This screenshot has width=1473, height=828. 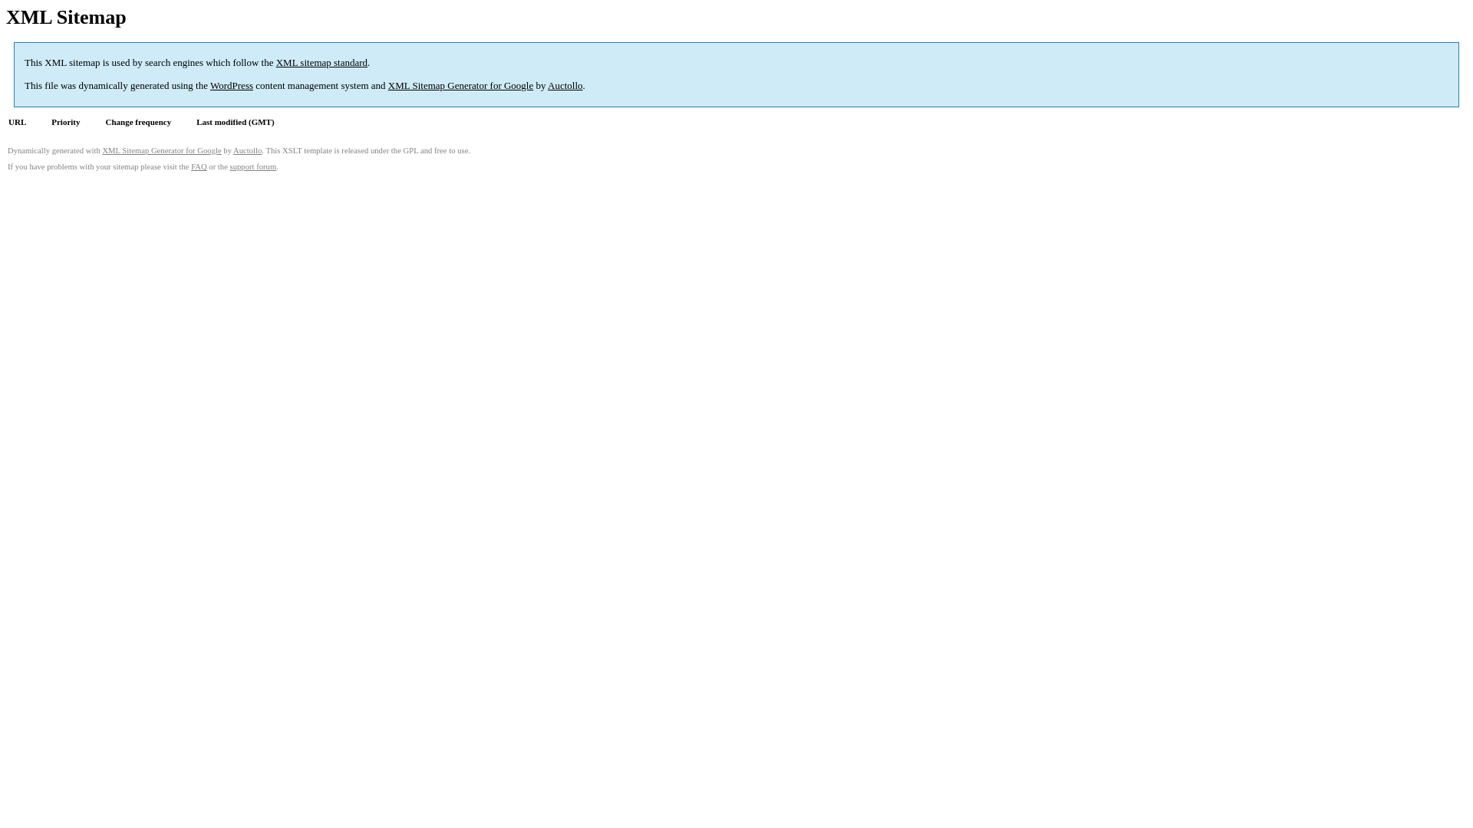 What do you see at coordinates (321, 61) in the screenshot?
I see `'XML sitemap standard'` at bounding box center [321, 61].